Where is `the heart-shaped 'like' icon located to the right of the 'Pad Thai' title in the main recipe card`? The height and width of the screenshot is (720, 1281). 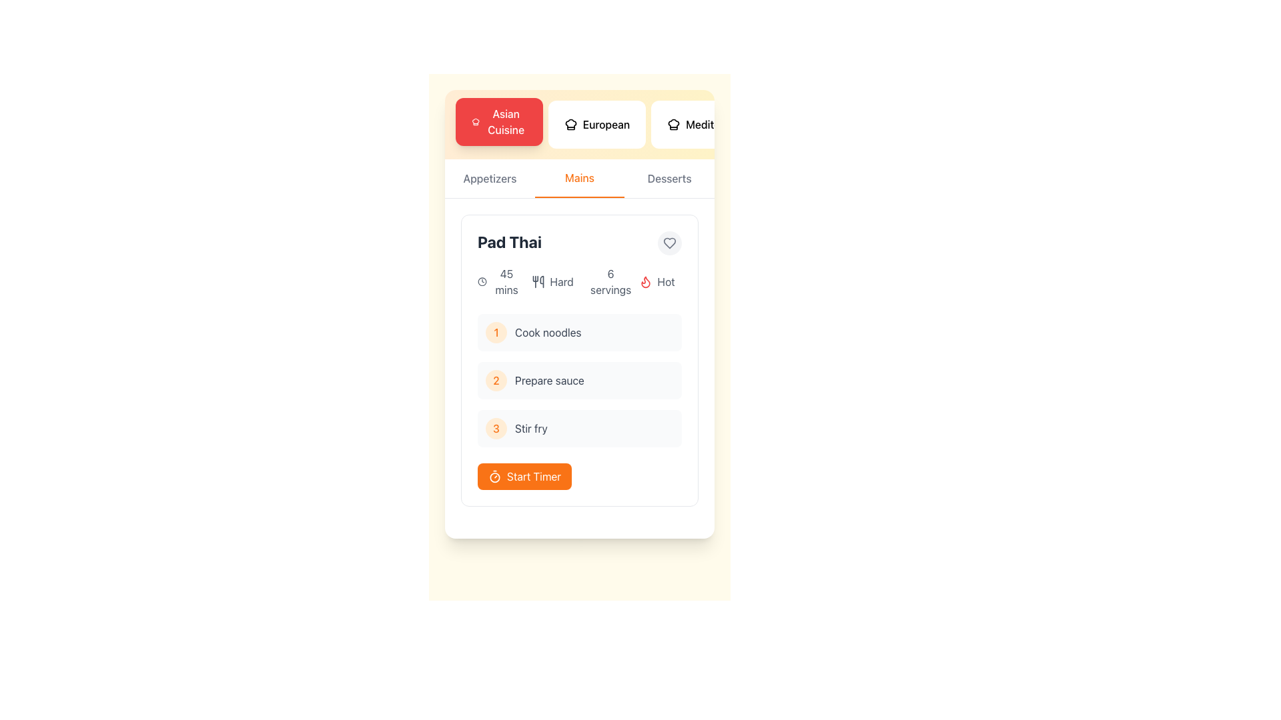
the heart-shaped 'like' icon located to the right of the 'Pad Thai' title in the main recipe card is located at coordinates (669, 243).